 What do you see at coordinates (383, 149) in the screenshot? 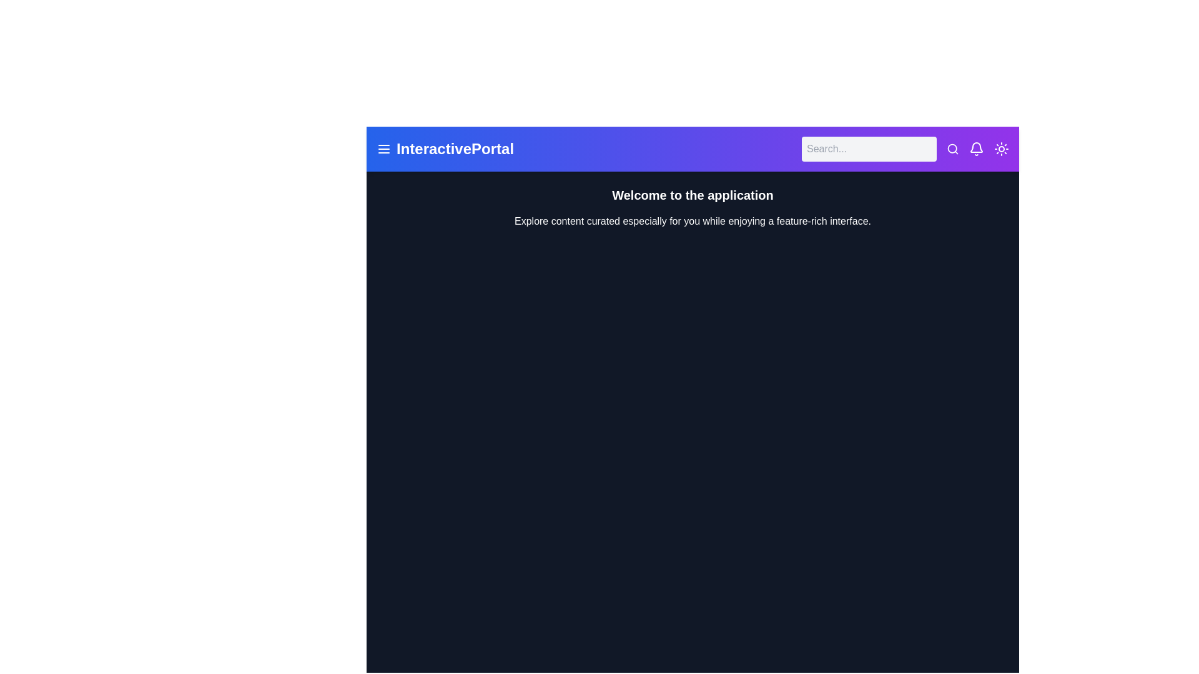
I see `the menu icon to expand the menu` at bounding box center [383, 149].